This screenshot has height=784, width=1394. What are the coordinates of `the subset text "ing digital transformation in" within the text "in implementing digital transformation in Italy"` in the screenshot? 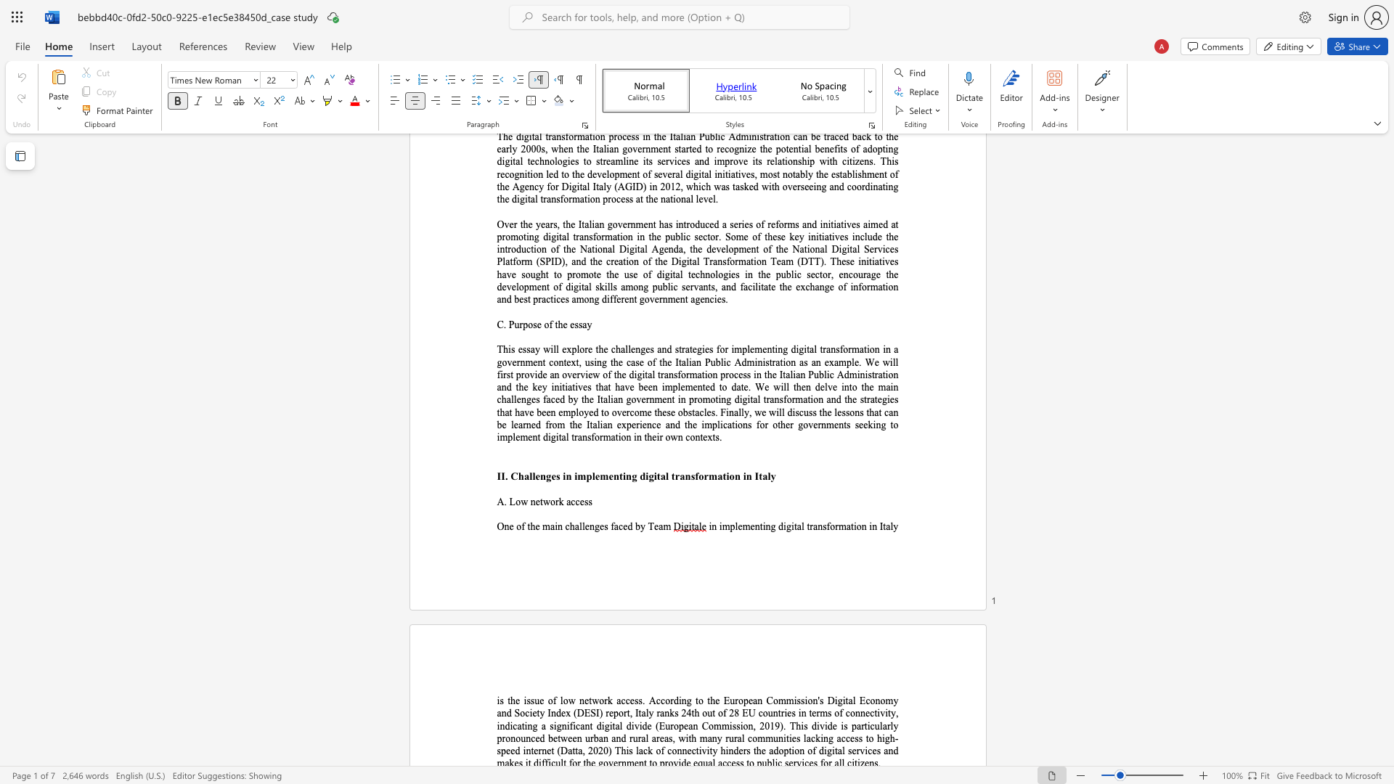 It's located at (762, 526).